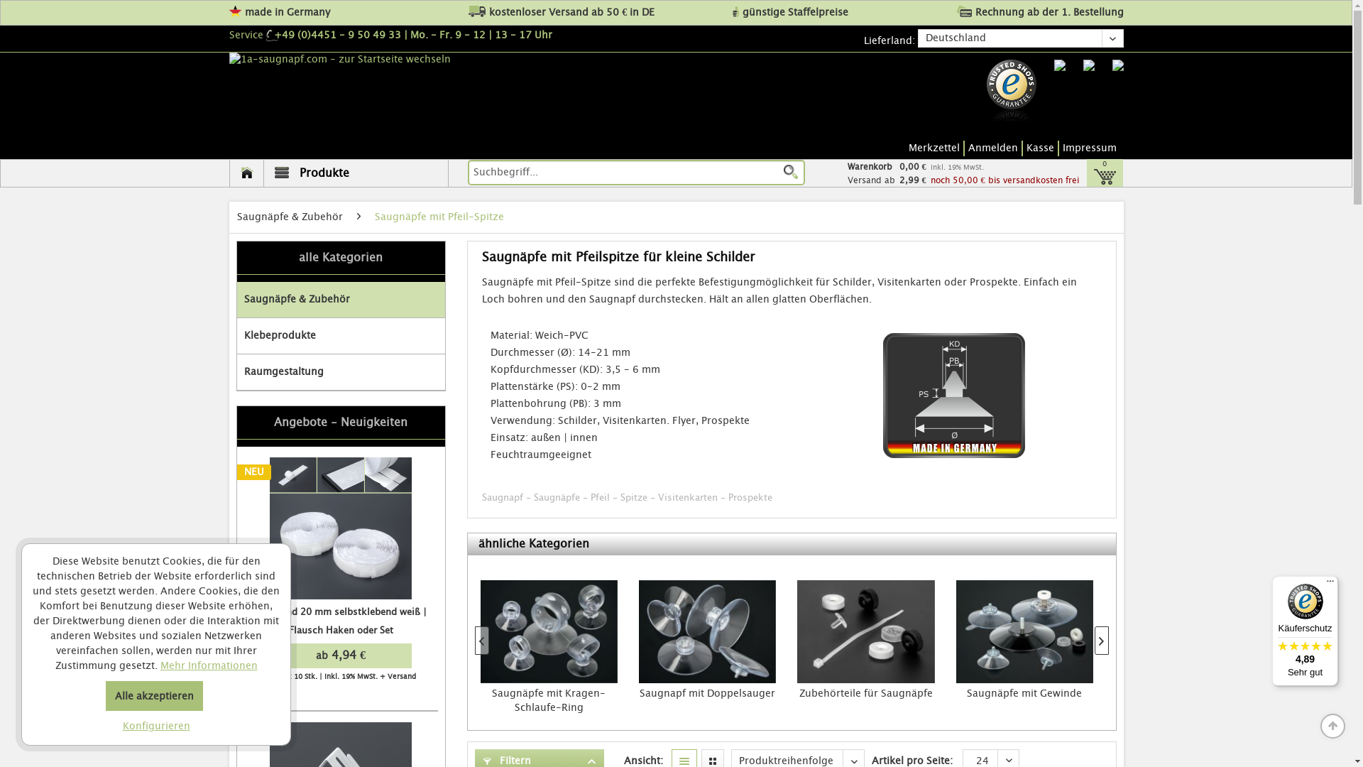 This screenshot has width=1363, height=767. I want to click on '0', so click(1100, 172).